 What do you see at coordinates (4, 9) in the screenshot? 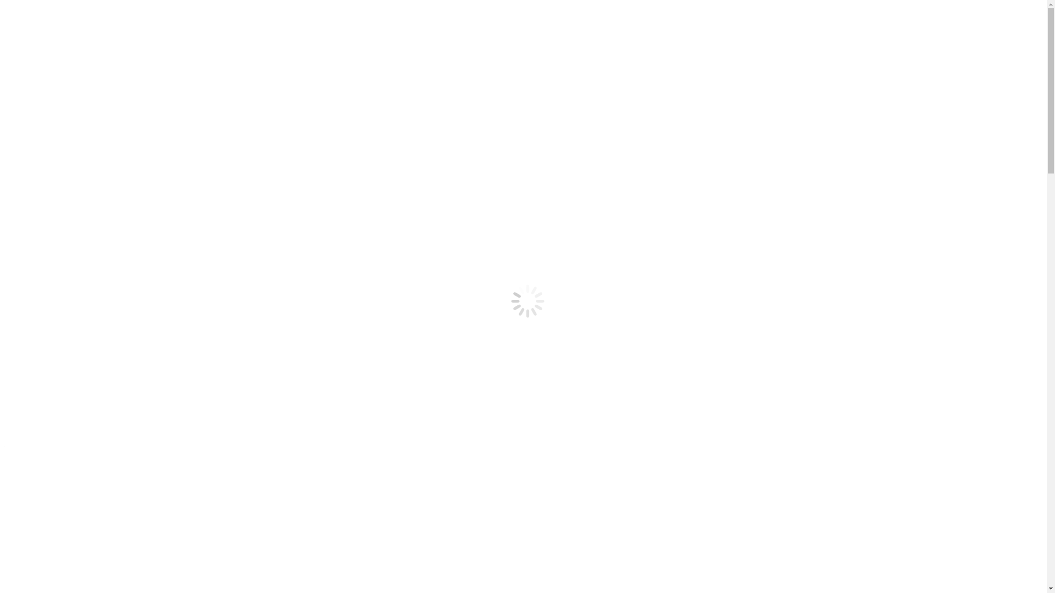
I see `'Skip to content'` at bounding box center [4, 9].